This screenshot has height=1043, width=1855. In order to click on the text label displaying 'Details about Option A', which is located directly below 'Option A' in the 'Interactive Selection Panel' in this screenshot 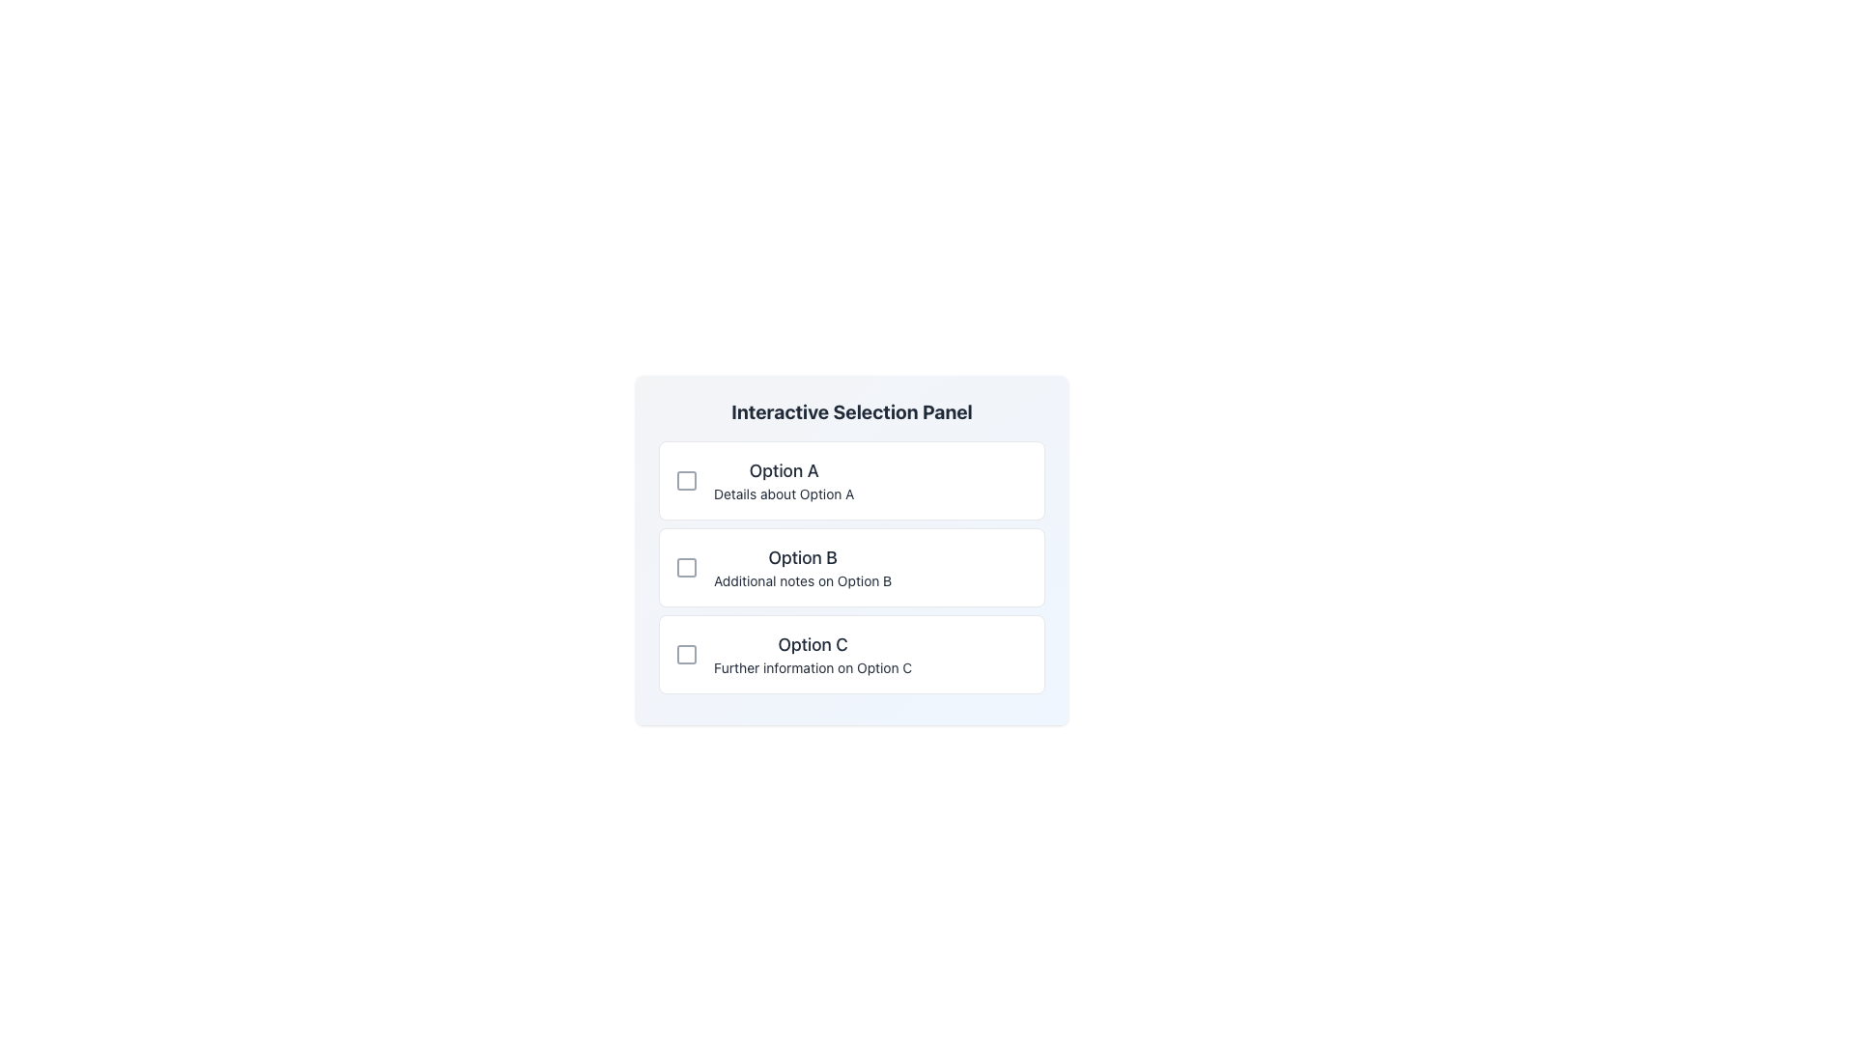, I will do `click(784, 493)`.